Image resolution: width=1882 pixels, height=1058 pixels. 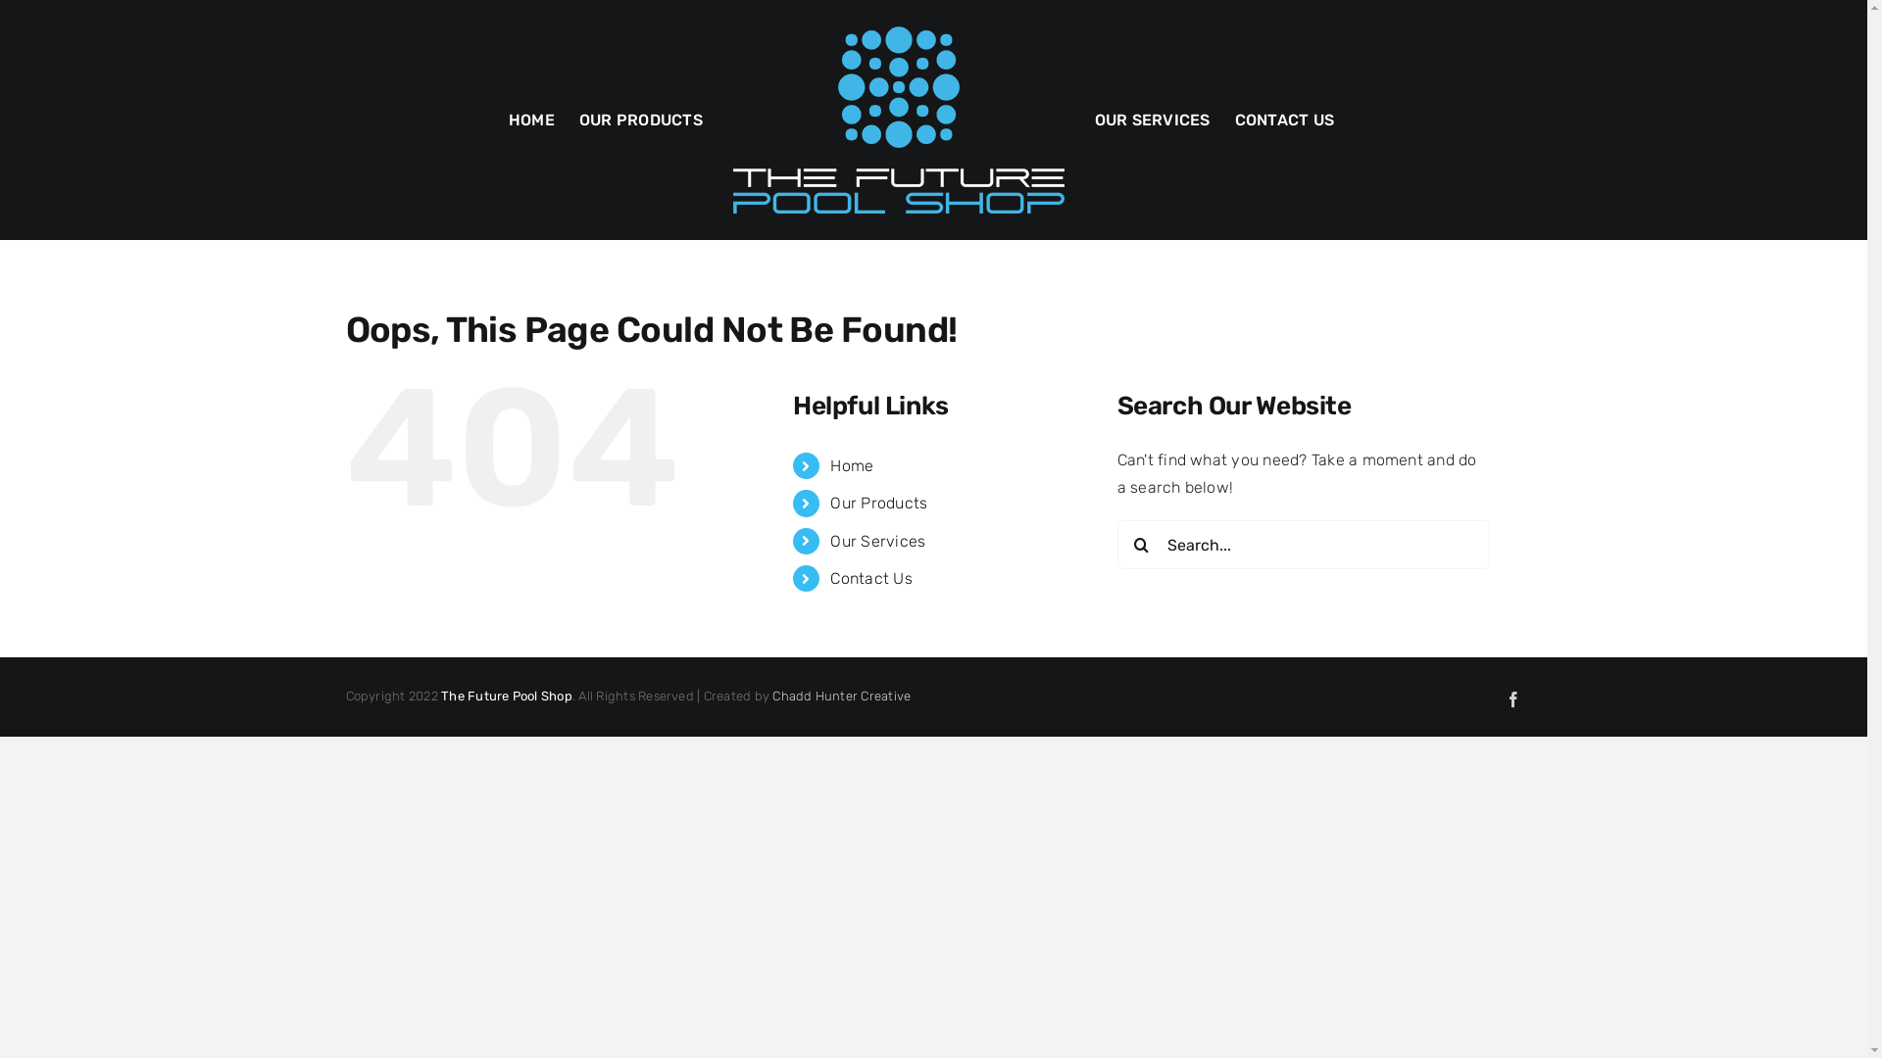 What do you see at coordinates (1512, 697) in the screenshot?
I see `'Facebook'` at bounding box center [1512, 697].